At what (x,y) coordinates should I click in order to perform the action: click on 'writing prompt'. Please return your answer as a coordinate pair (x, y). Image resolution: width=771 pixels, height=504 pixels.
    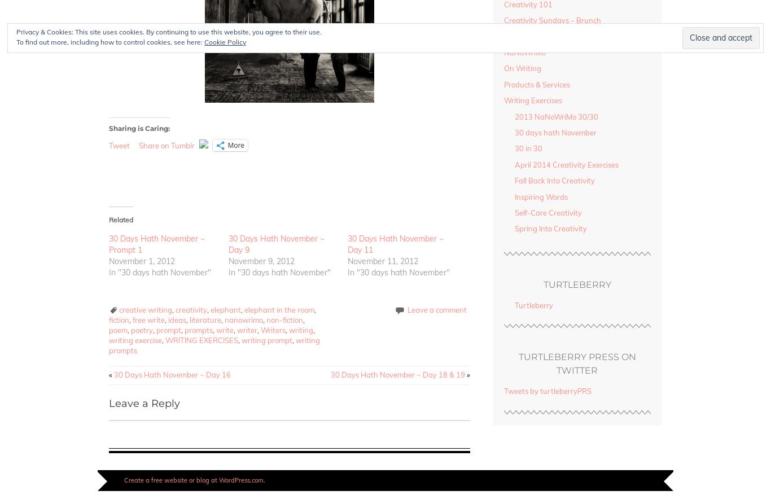
    Looking at the image, I should click on (267, 339).